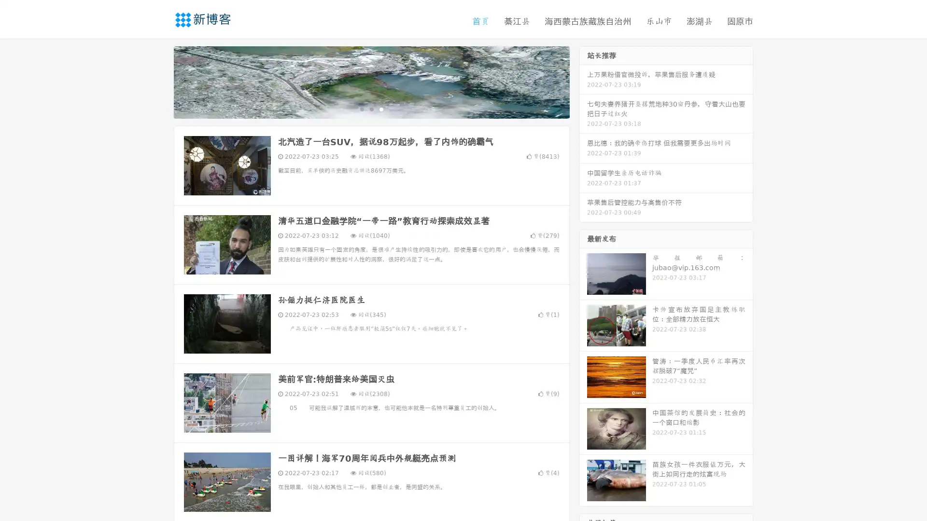  Describe the element at coordinates (371, 109) in the screenshot. I see `Go to slide 2` at that location.